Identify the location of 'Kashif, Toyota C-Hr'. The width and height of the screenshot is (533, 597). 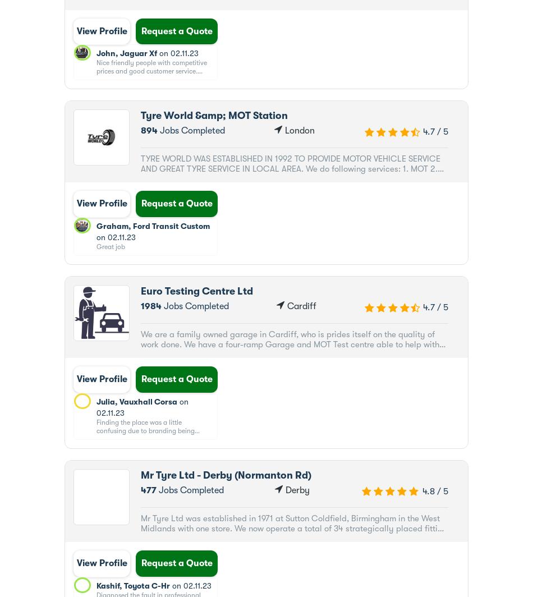
(133, 585).